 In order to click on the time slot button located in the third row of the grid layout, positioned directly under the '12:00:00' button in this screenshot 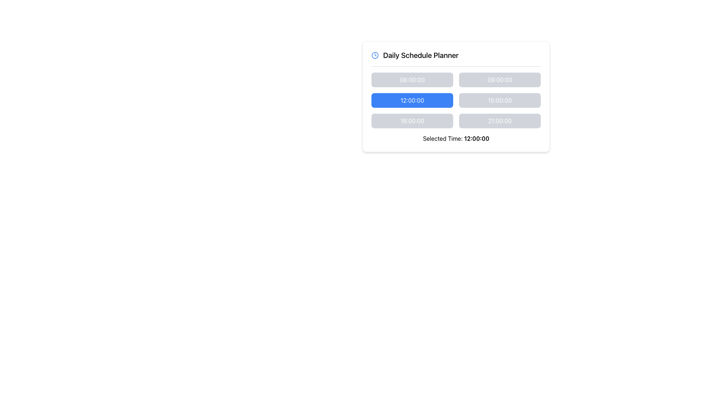, I will do `click(412, 121)`.